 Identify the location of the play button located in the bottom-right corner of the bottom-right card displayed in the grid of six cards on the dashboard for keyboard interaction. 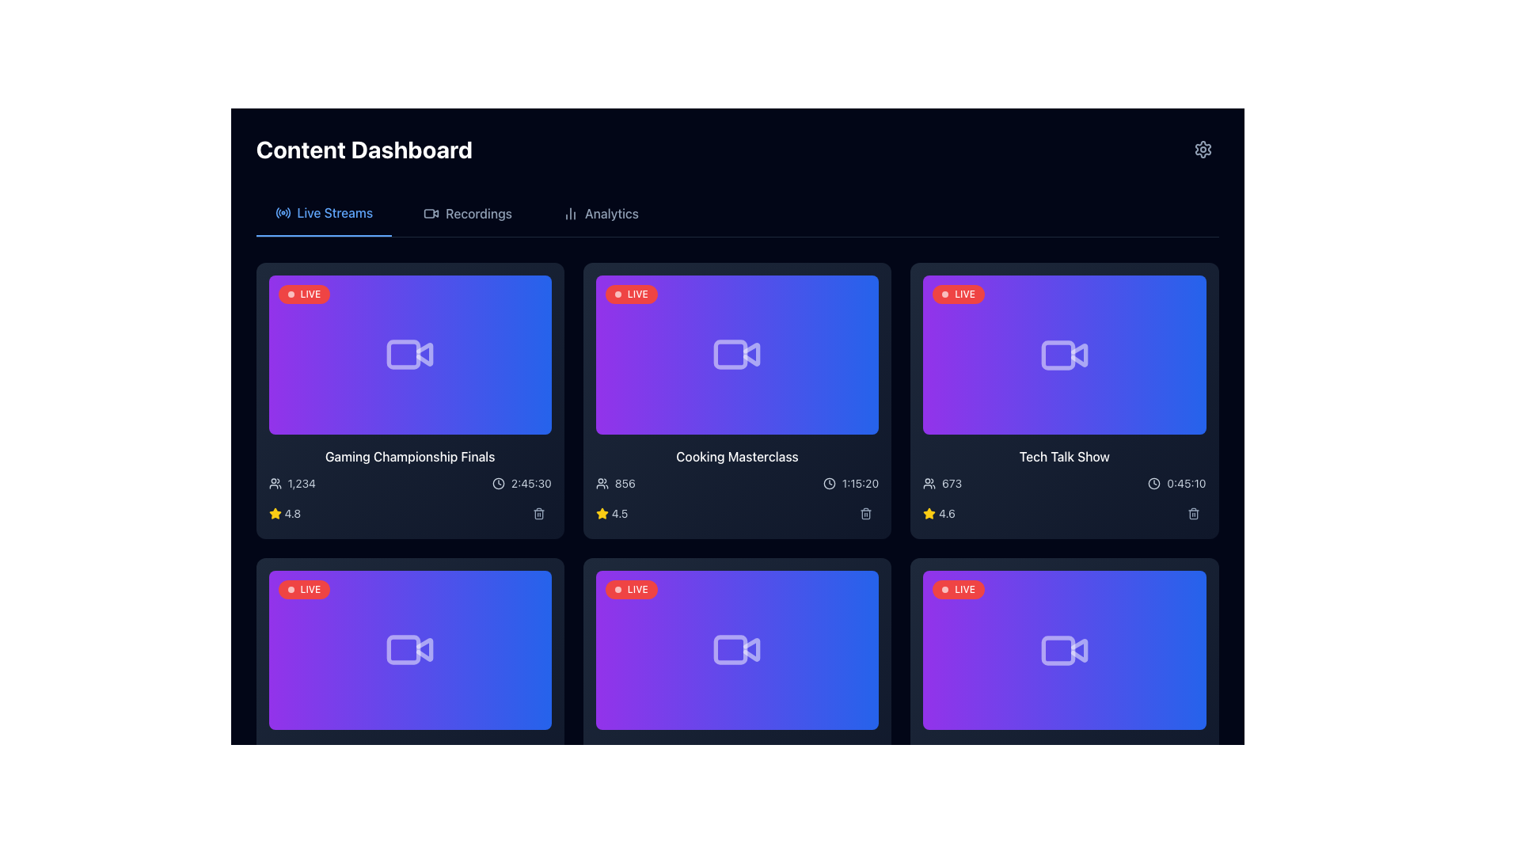
(1179, 701).